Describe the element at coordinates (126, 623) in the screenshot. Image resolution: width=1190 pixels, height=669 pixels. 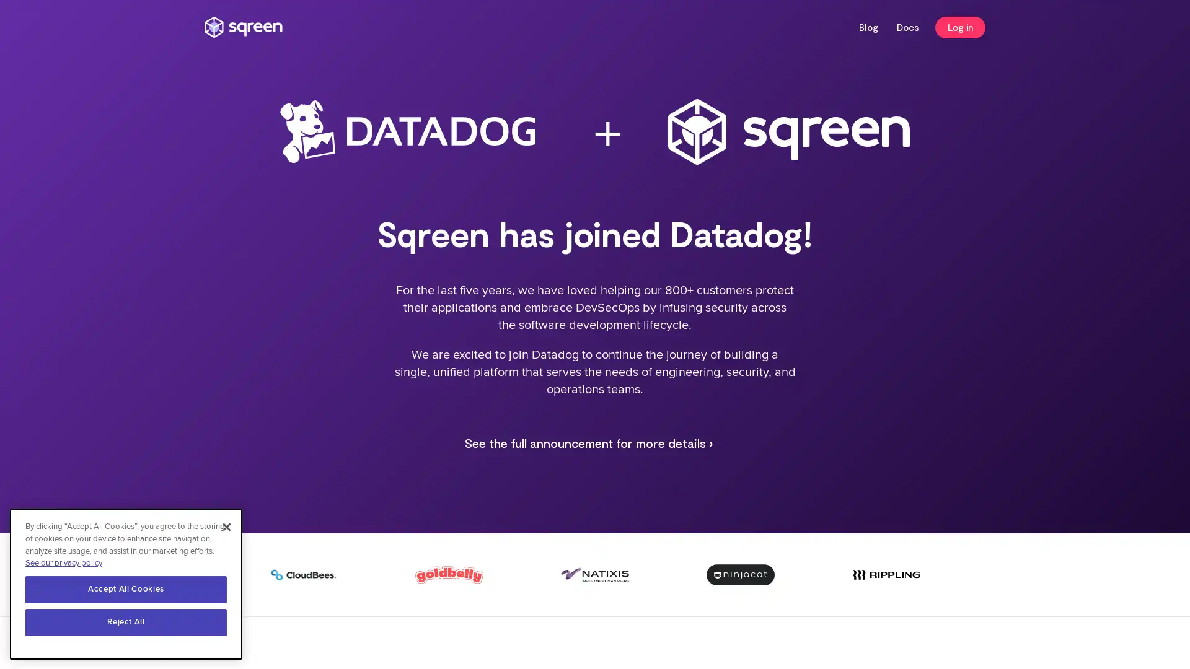
I see `Reject All` at that location.